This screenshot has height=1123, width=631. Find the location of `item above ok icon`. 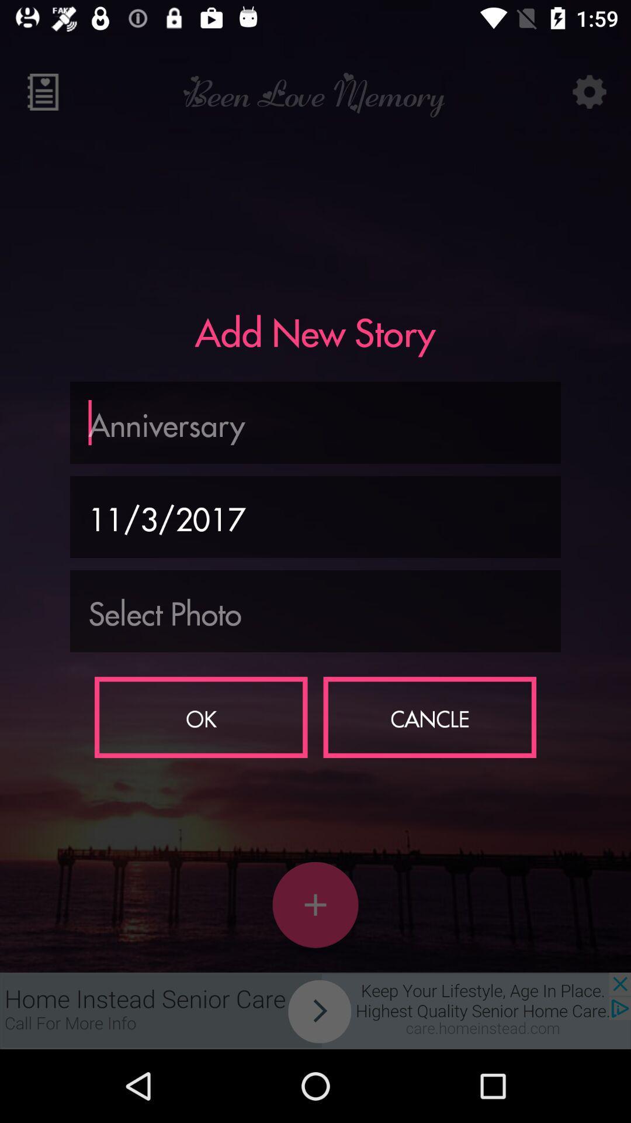

item above ok icon is located at coordinates (315, 611).